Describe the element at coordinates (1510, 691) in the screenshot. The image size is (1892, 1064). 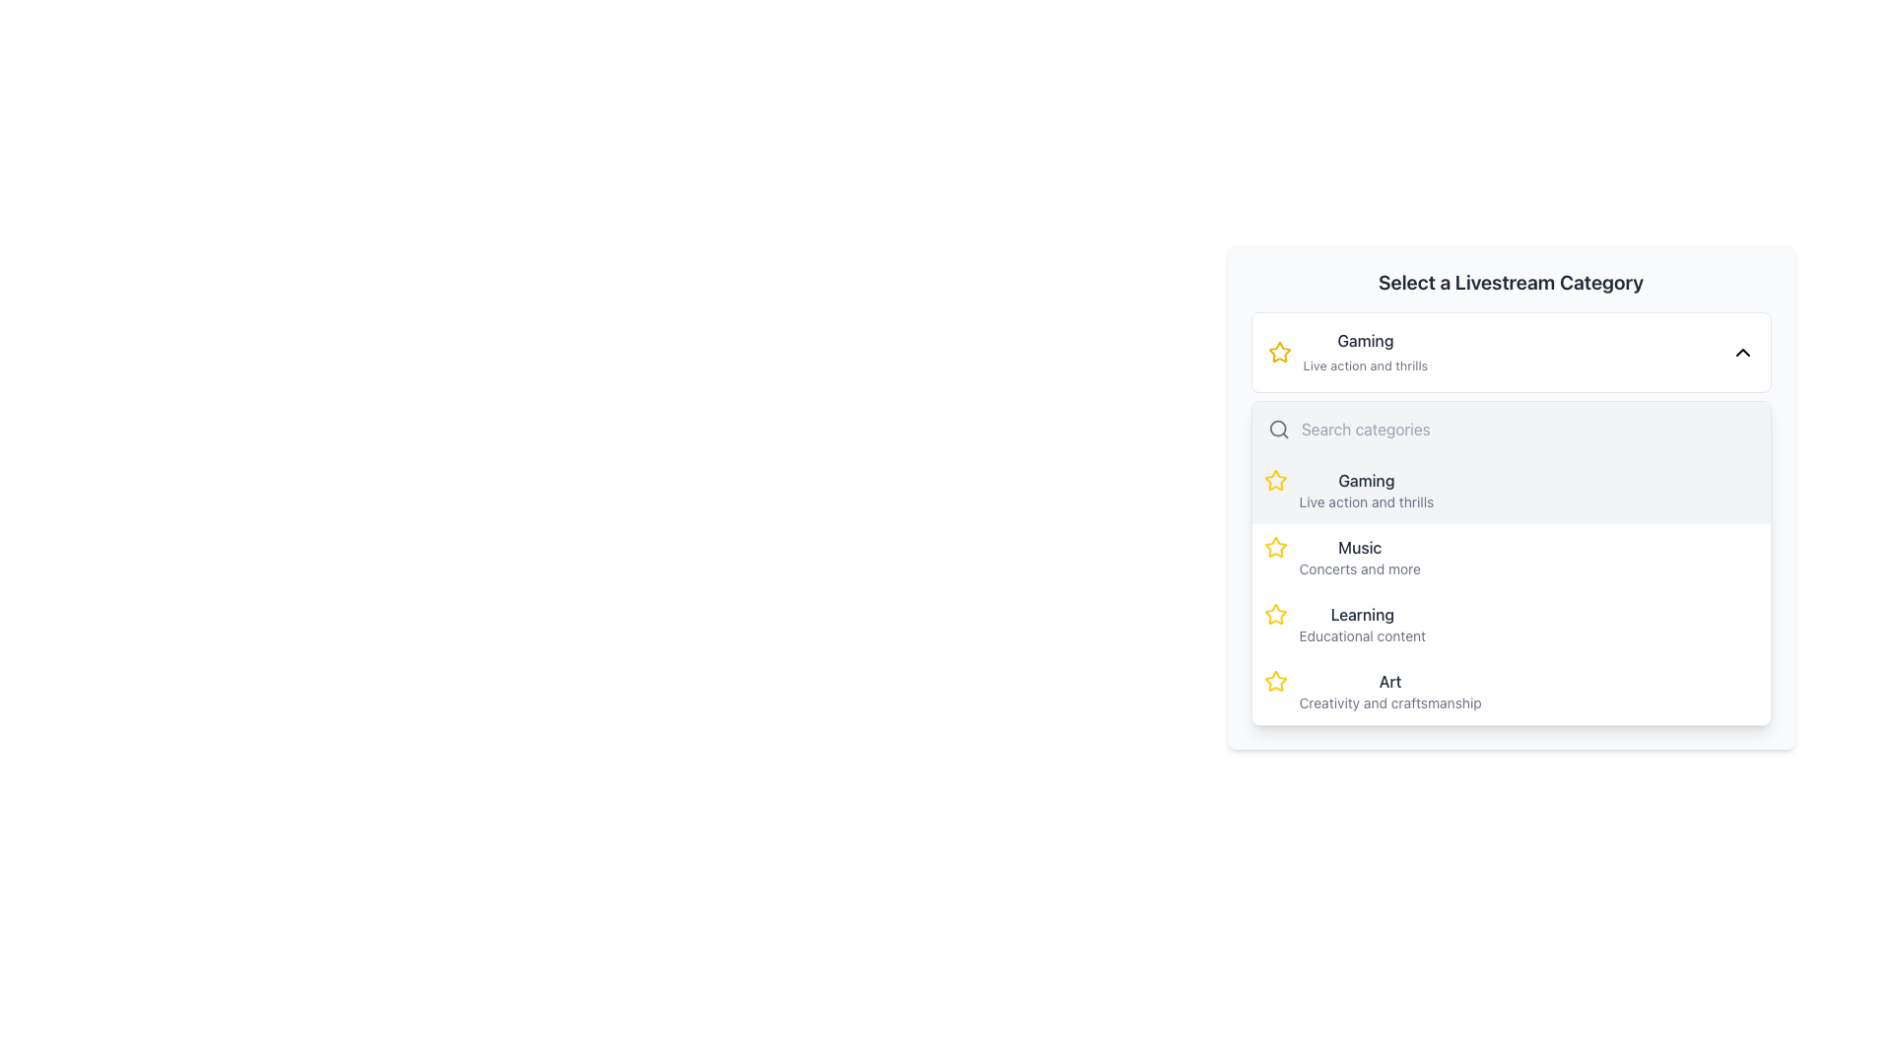
I see `the 'Art' category list item within the dropdown menu for keyboard navigation` at that location.